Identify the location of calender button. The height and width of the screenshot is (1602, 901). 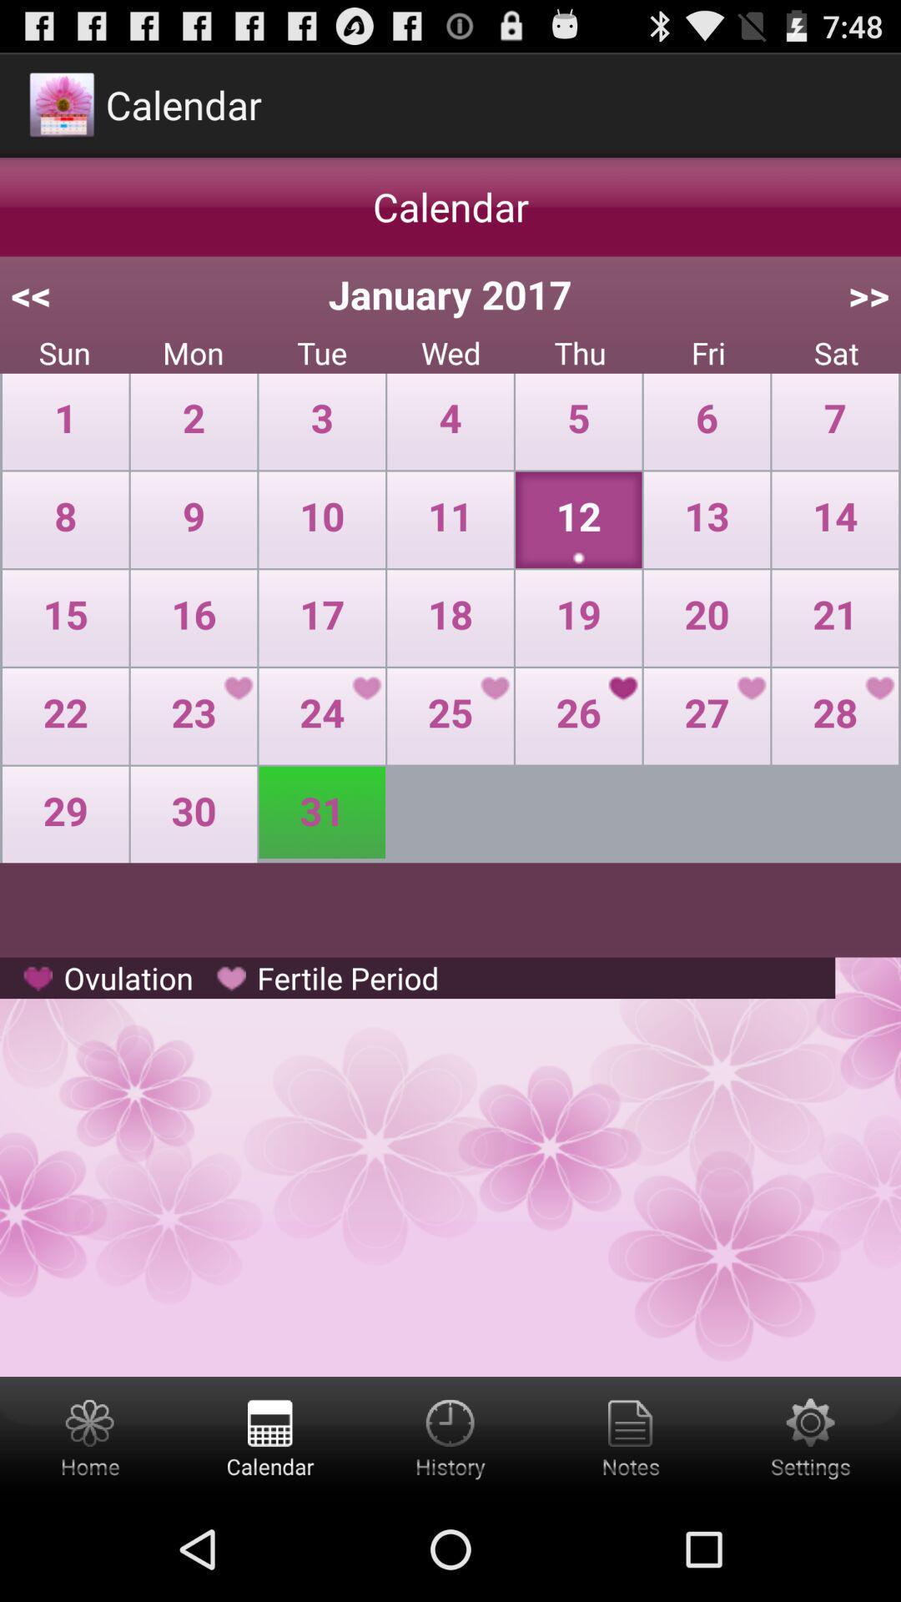
(269, 1436).